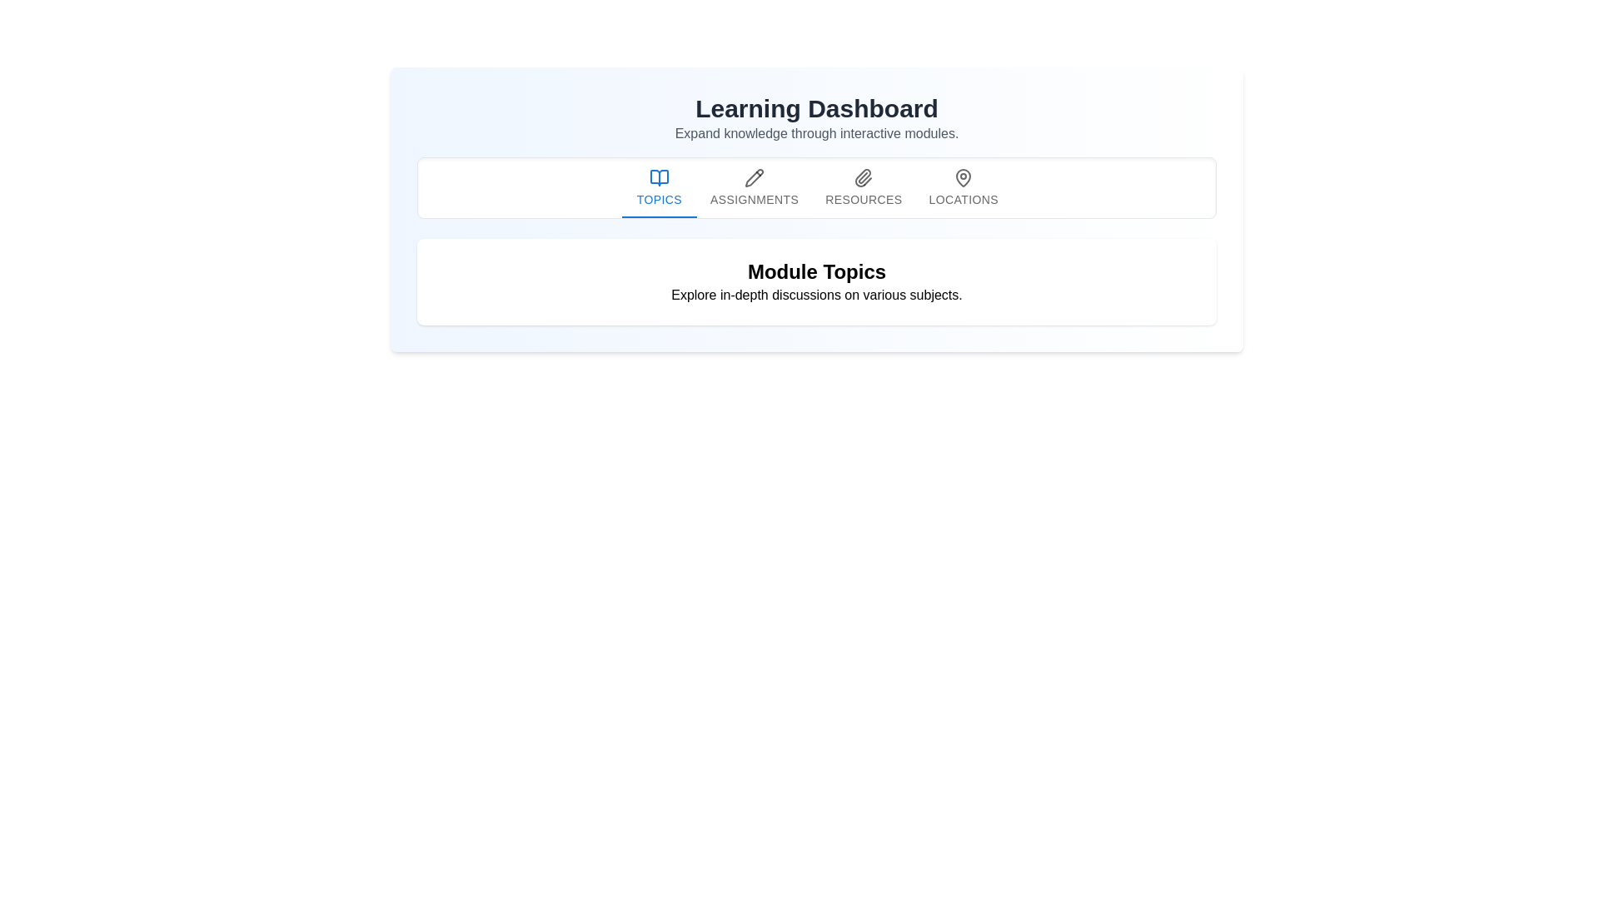 The image size is (1599, 899). I want to click on the 'Resources' tab button, which is the third tab in the horizontal tab bar with a paperclip icon and yellow text color, to trigger a visual effect, so click(864, 187).